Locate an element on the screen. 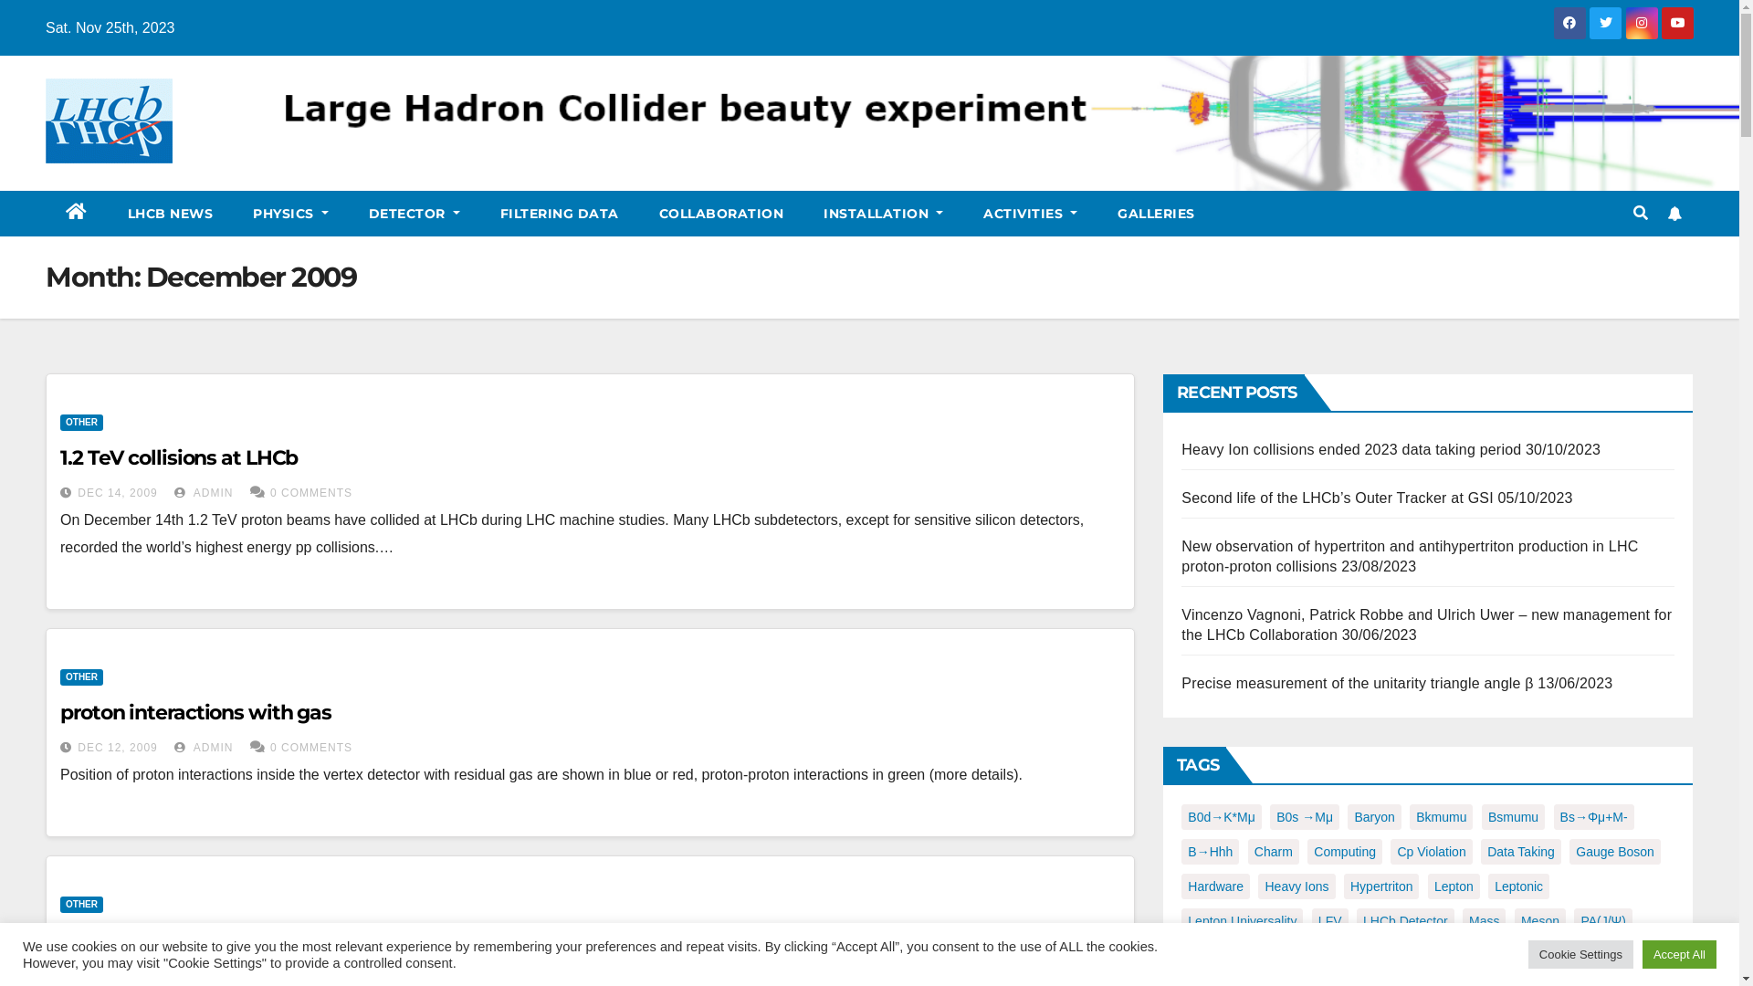 The width and height of the screenshot is (1753, 986). 'Data Taking' is located at coordinates (1481, 852).